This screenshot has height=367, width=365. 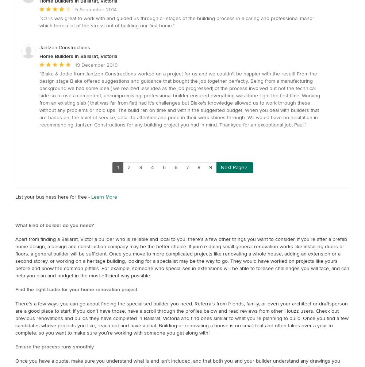 I want to click on '8', so click(x=199, y=167).